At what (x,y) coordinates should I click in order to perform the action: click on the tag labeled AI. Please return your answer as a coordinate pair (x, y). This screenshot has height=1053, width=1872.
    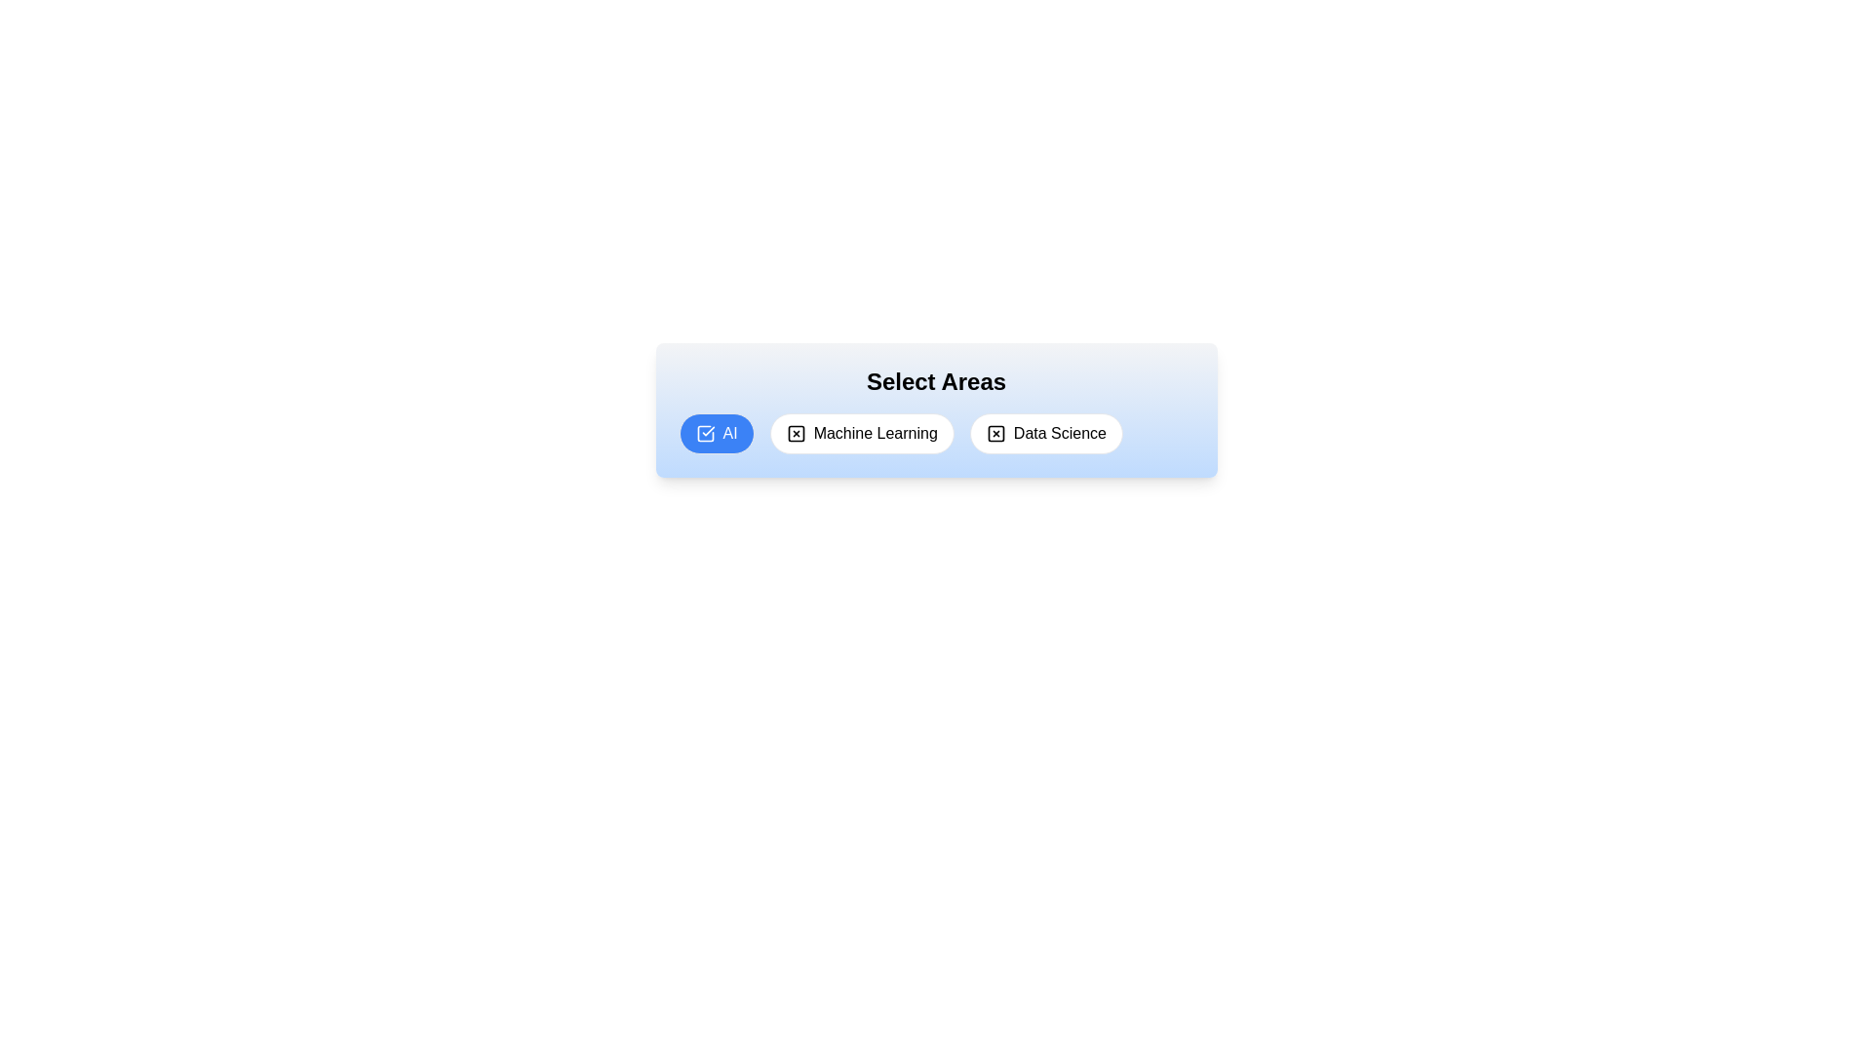
    Looking at the image, I should click on (715, 432).